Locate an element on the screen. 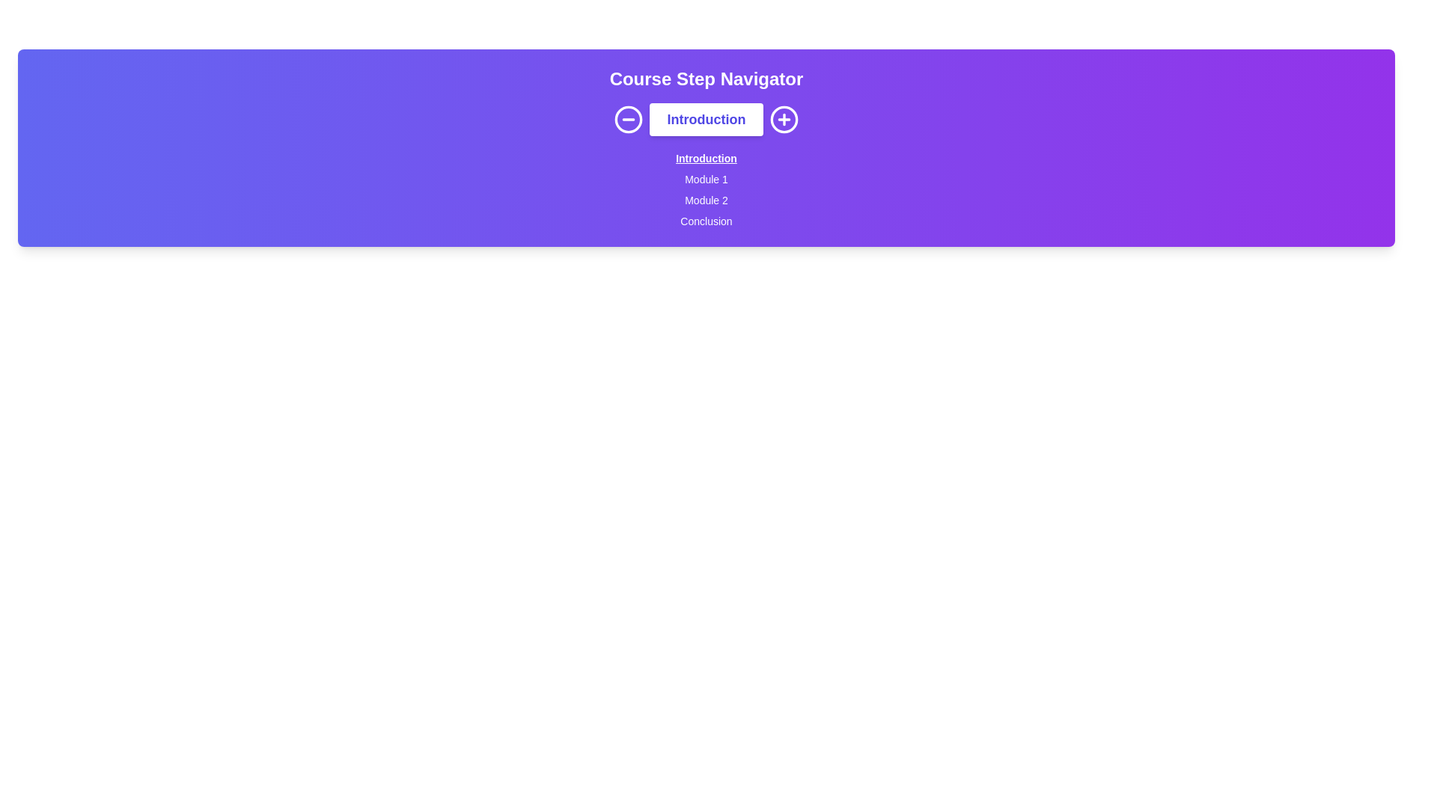 This screenshot has height=808, width=1437. the prominent text label 'Course Step Navigator' styled in bold, large white letters against a gradient purple background, which is centrally aligned at the top of the section is located at coordinates (706, 79).